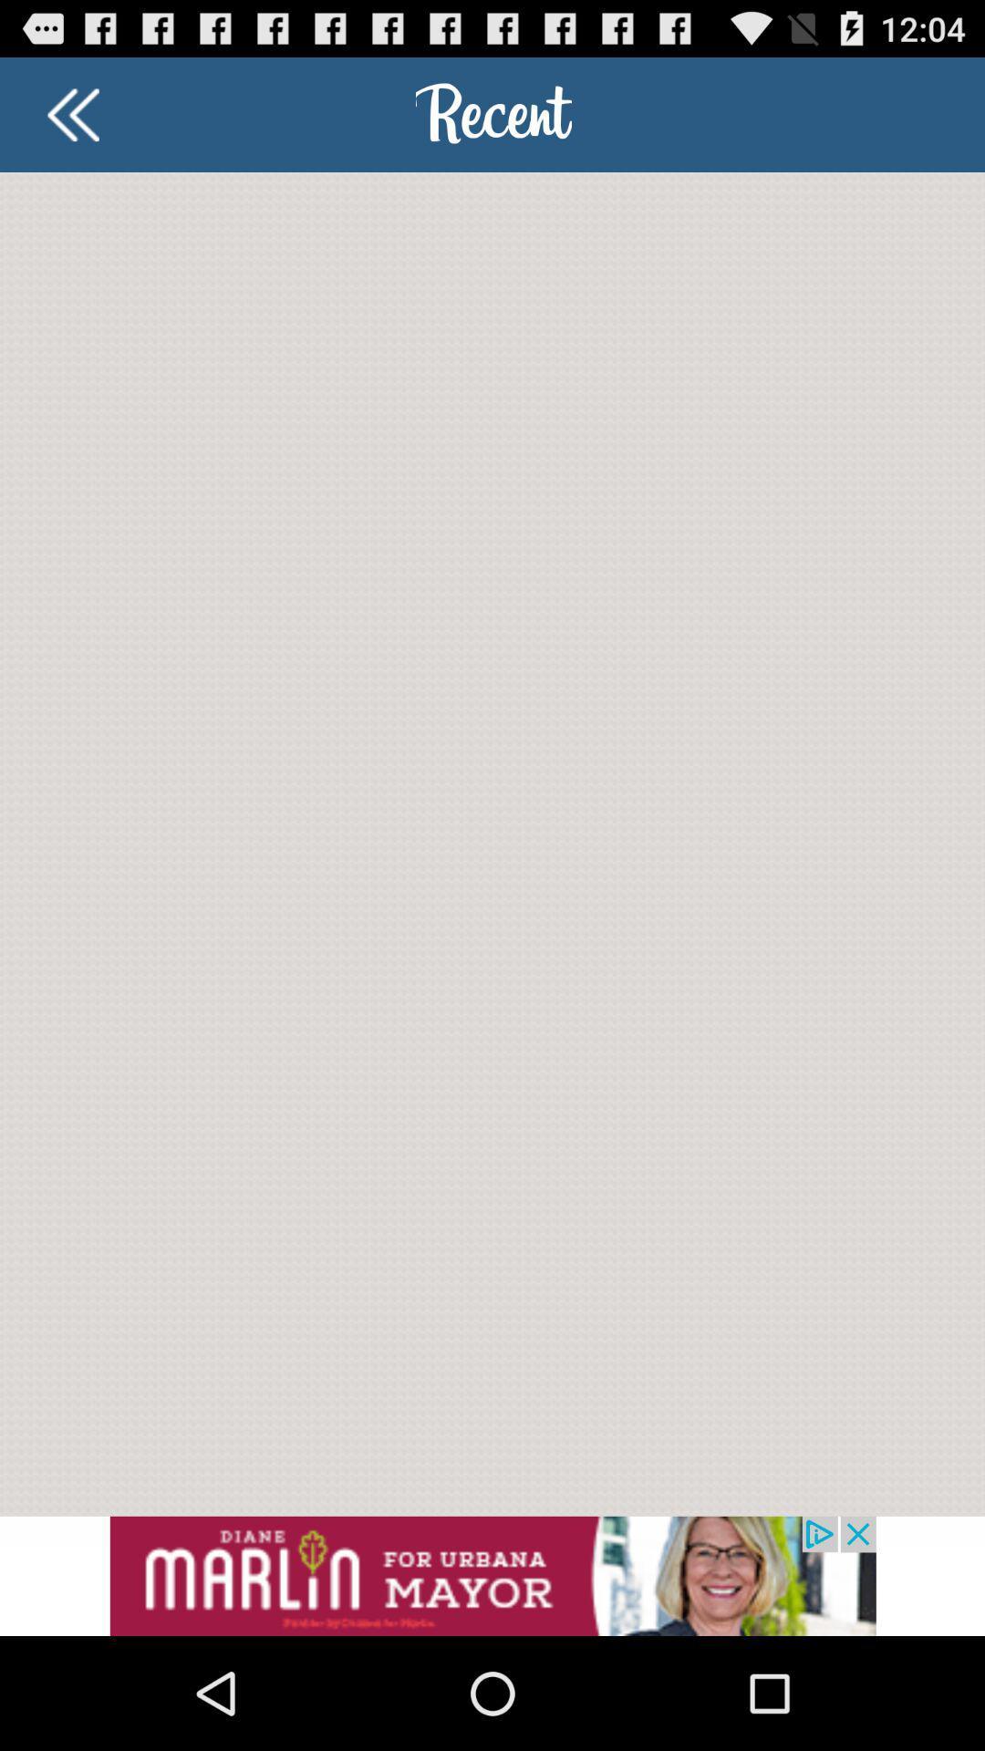  Describe the element at coordinates (493, 1575) in the screenshot. I see `click on advertisement below` at that location.